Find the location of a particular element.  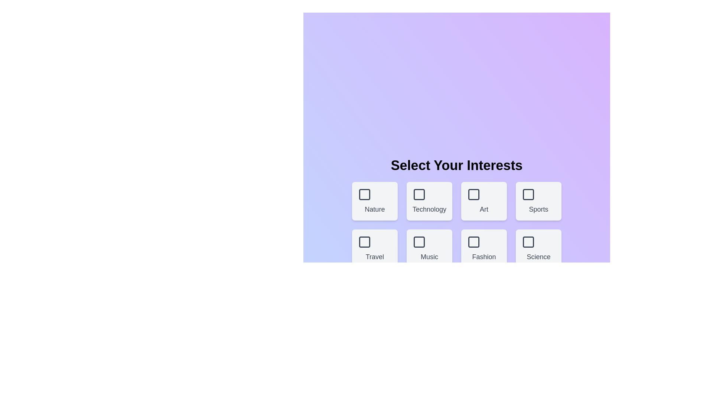

the theme box labeled Music is located at coordinates (429, 249).